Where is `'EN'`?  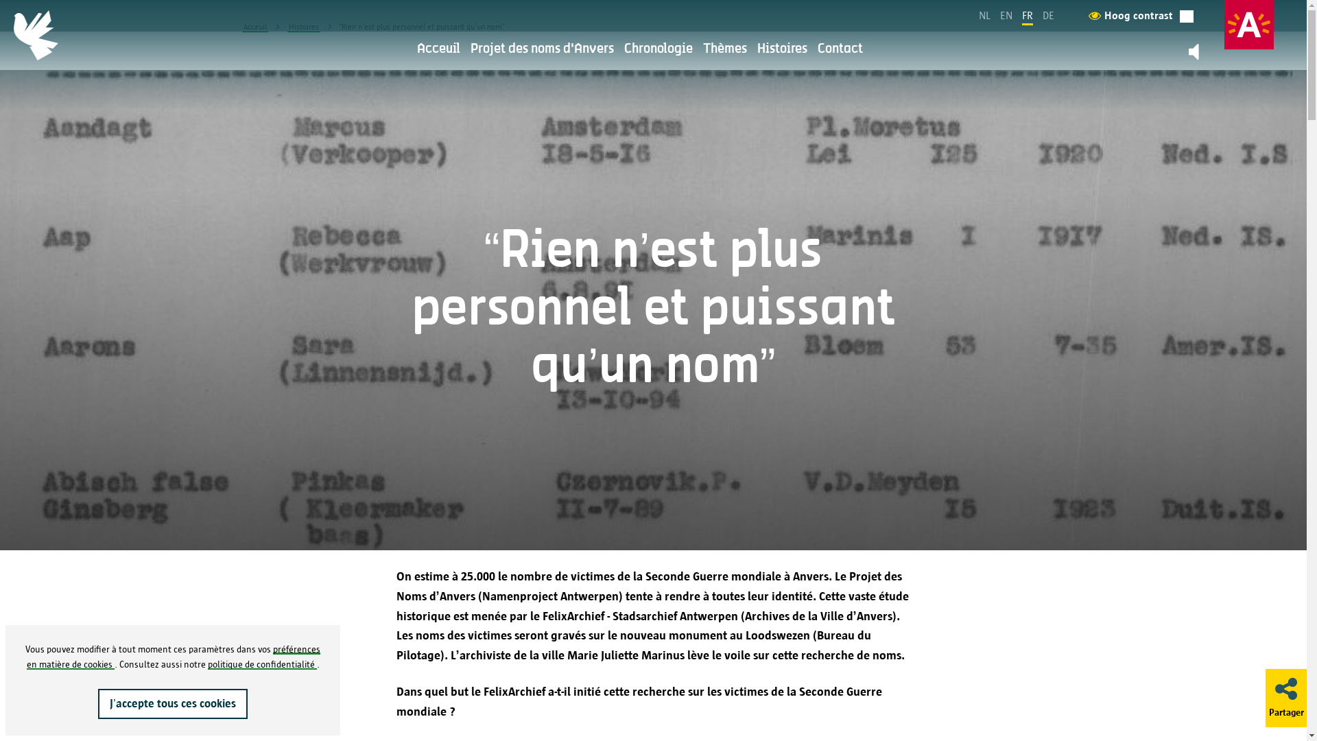 'EN' is located at coordinates (1006, 15).